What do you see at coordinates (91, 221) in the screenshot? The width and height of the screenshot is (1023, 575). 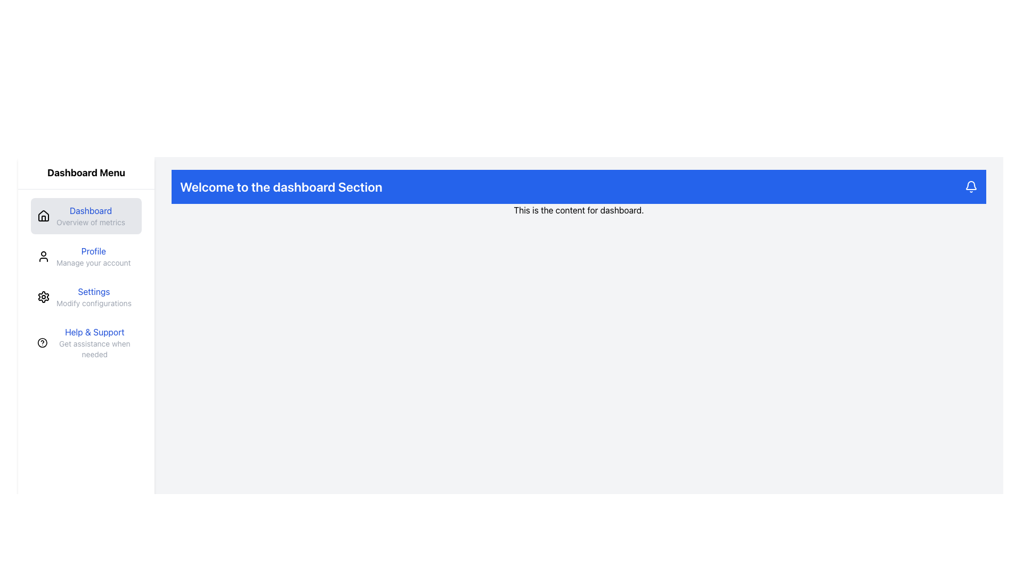 I see `text label 'Overview of metrics' which is a small gray font positioned below the bold 'Dashboard' text in the vertical navigation menu on the left side of the interface` at bounding box center [91, 221].